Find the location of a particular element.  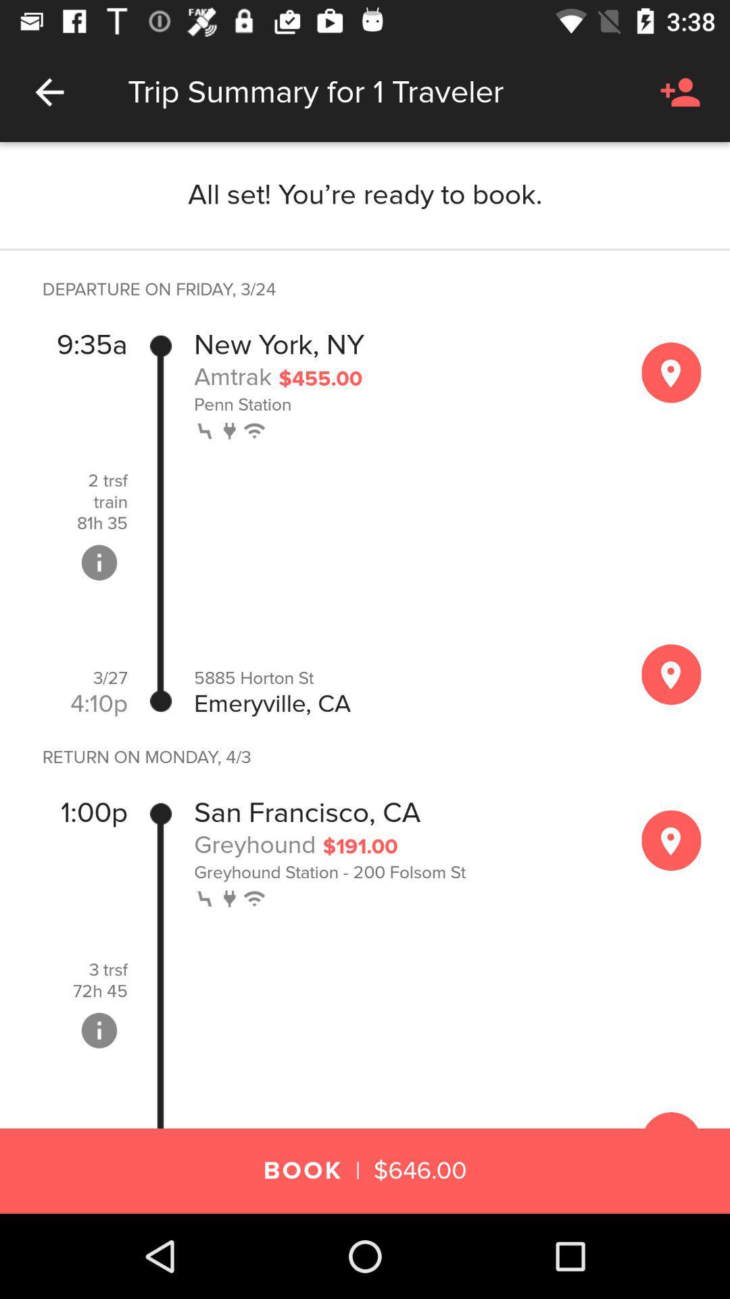

waypoint is located at coordinates (671, 372).